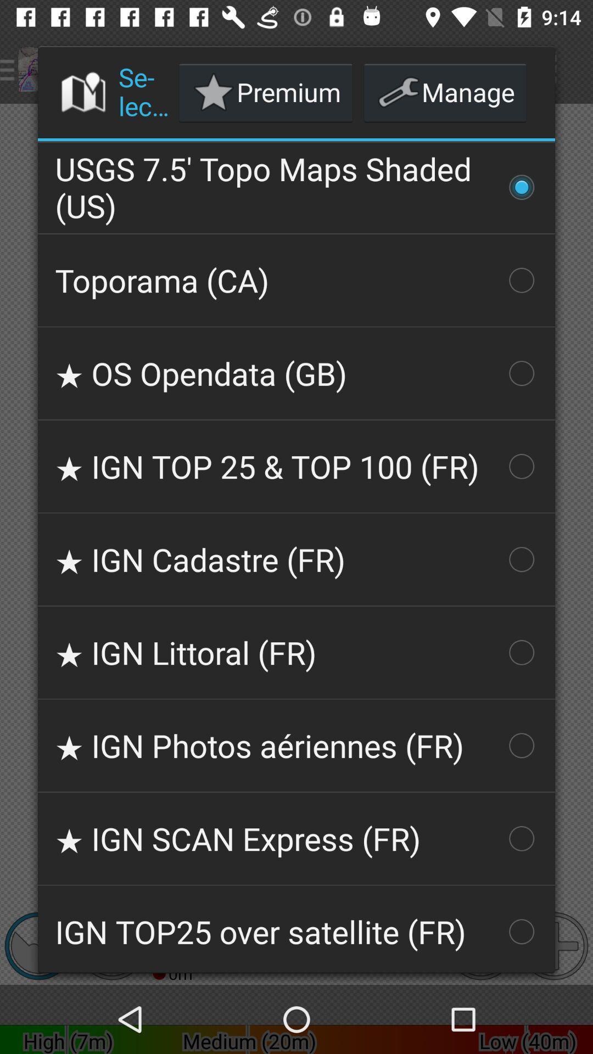 This screenshot has width=593, height=1054. What do you see at coordinates (445, 92) in the screenshot?
I see `icon next to premium` at bounding box center [445, 92].